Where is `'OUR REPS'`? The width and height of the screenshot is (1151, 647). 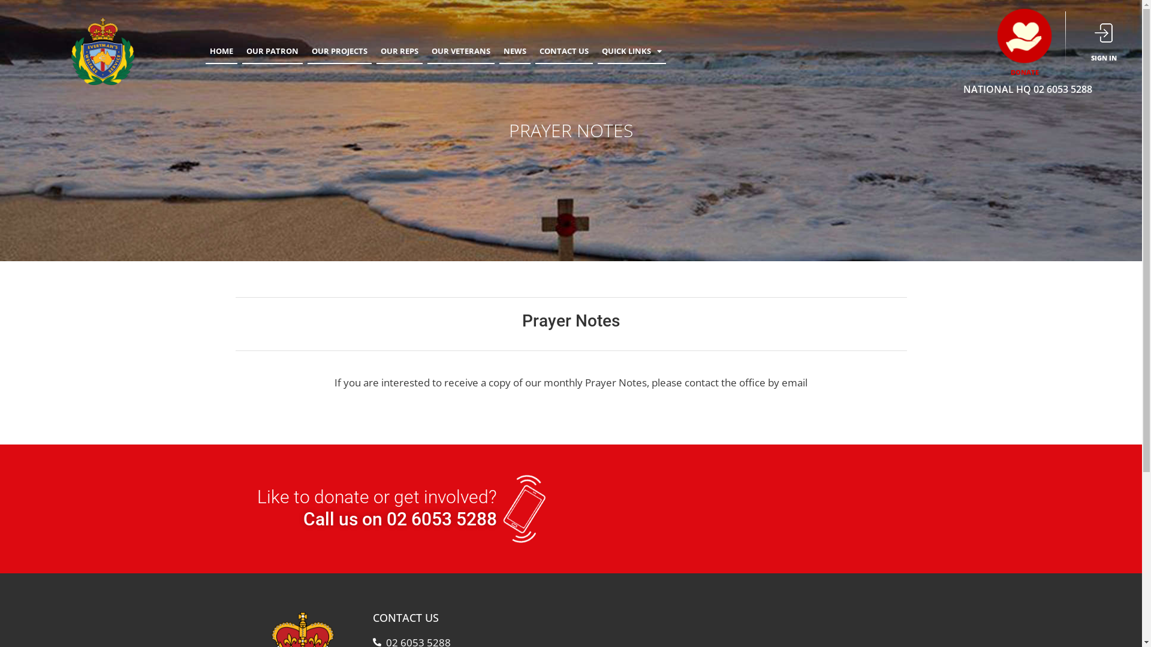
'OUR REPS' is located at coordinates (376, 50).